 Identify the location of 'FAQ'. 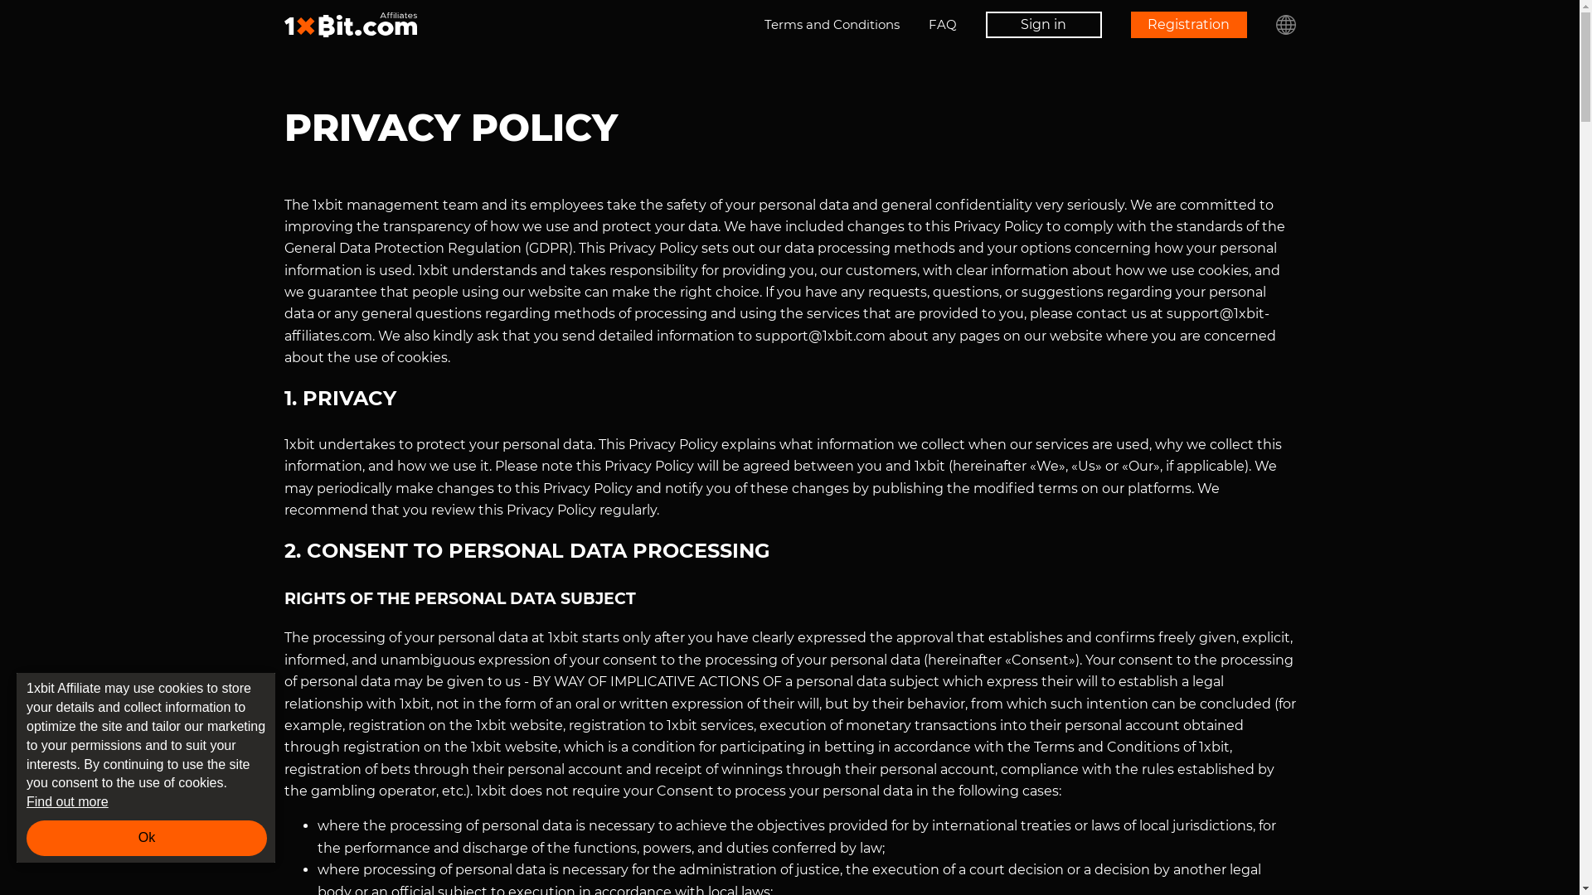
(943, 25).